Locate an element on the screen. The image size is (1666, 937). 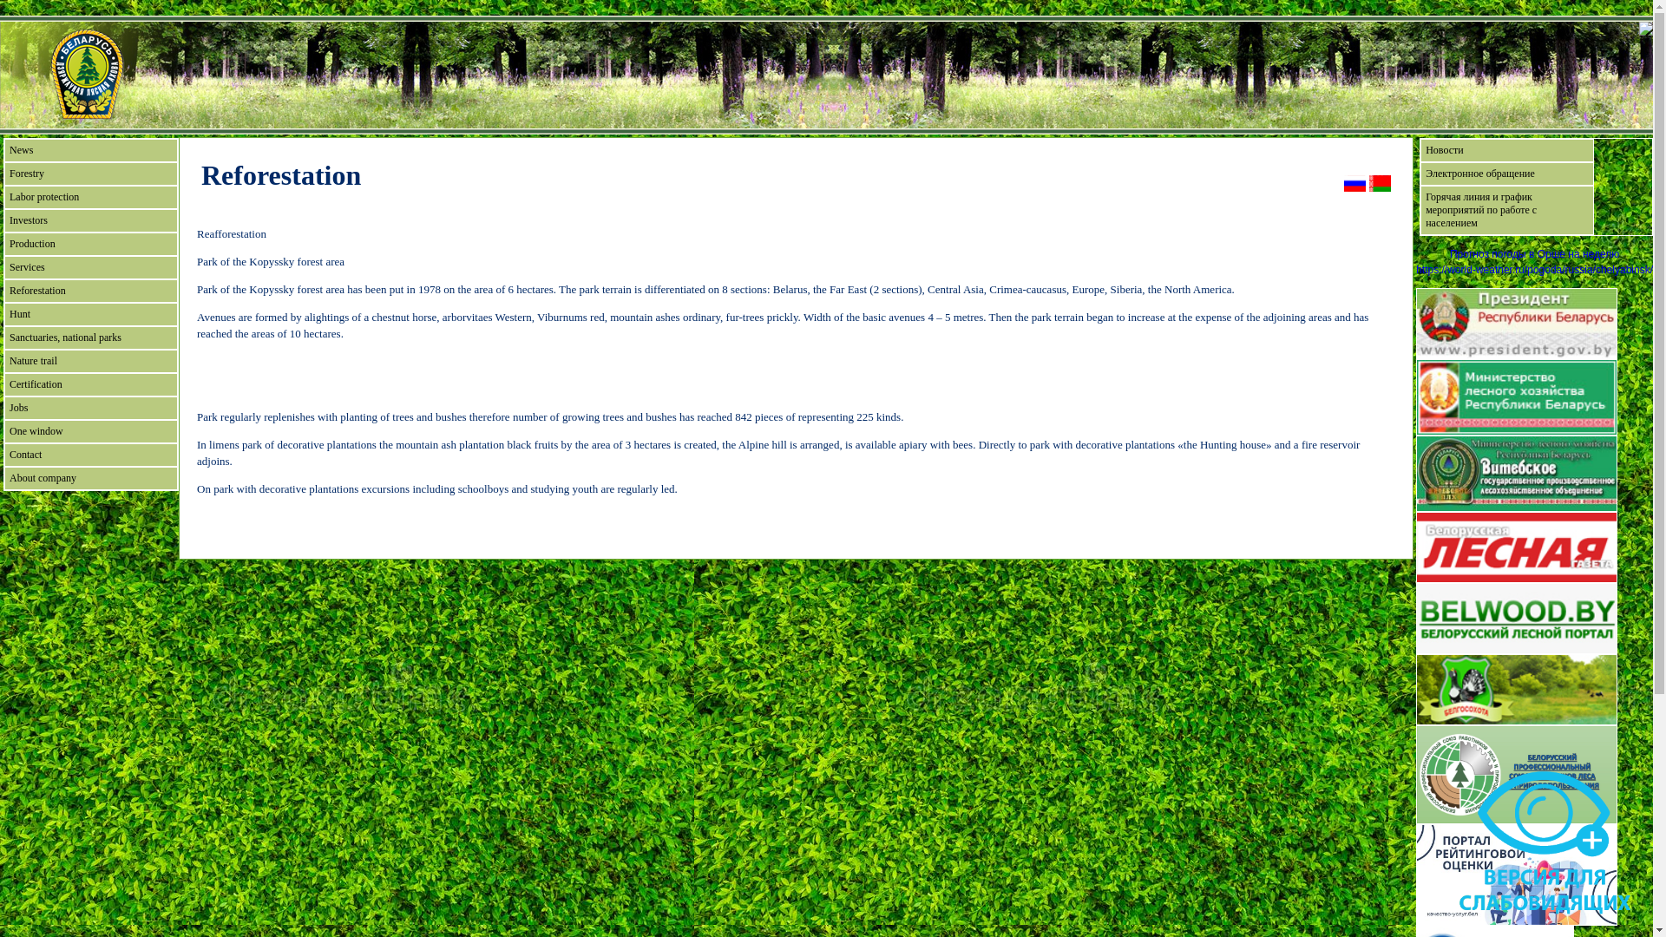
'Production' is located at coordinates (90, 244).